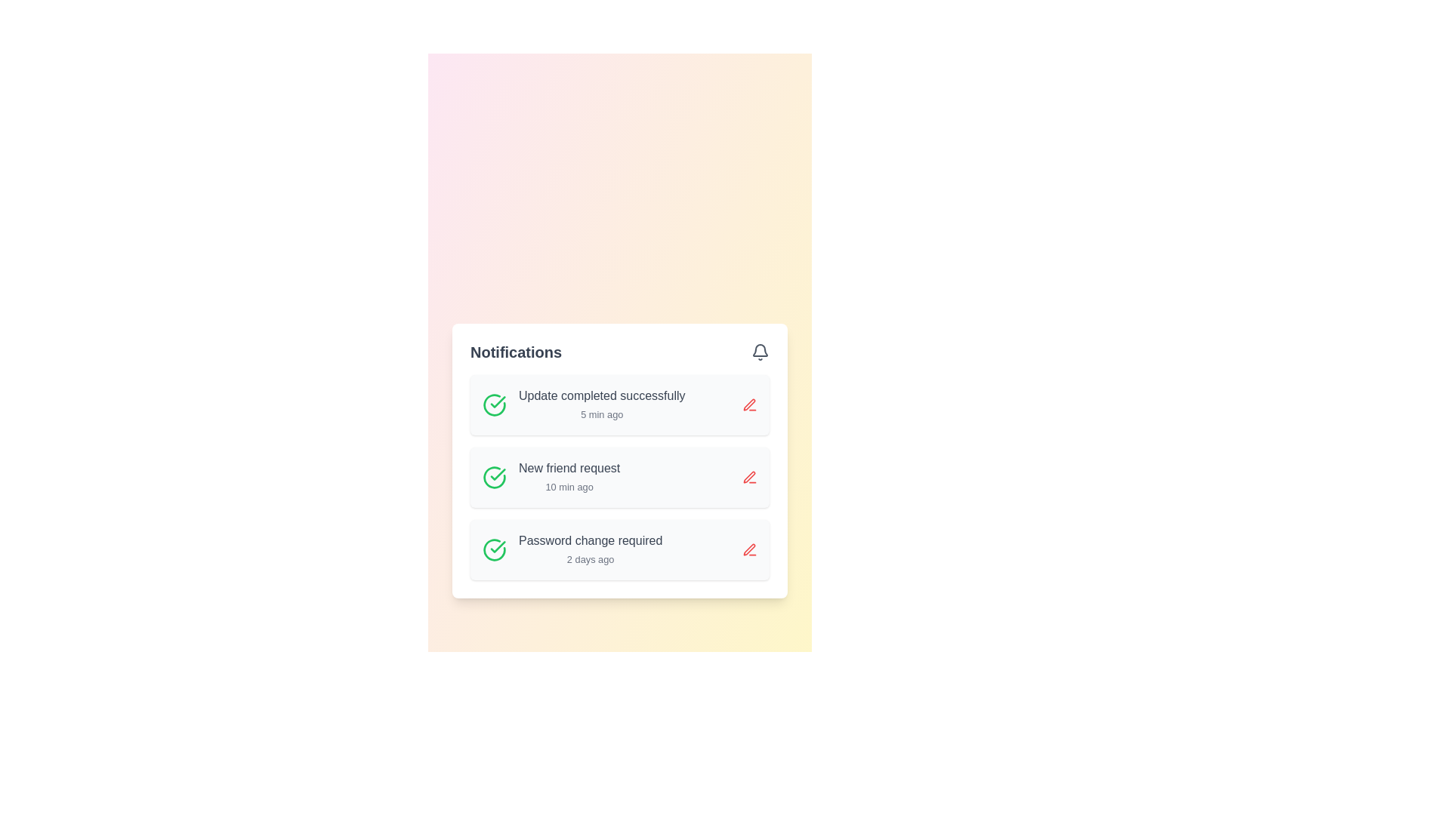 The width and height of the screenshot is (1450, 815). I want to click on the static text that indicates an update has been completed successfully, located in the 'Notifications' section, above the timestamp '5 min ago', so click(601, 395).